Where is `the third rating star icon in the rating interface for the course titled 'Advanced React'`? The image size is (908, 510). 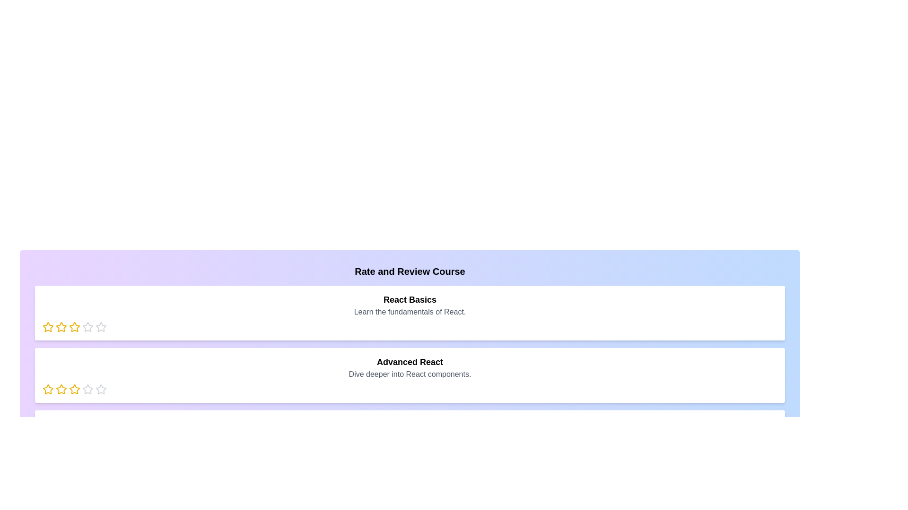
the third rating star icon in the rating interface for the course titled 'Advanced React' is located at coordinates (61, 390).